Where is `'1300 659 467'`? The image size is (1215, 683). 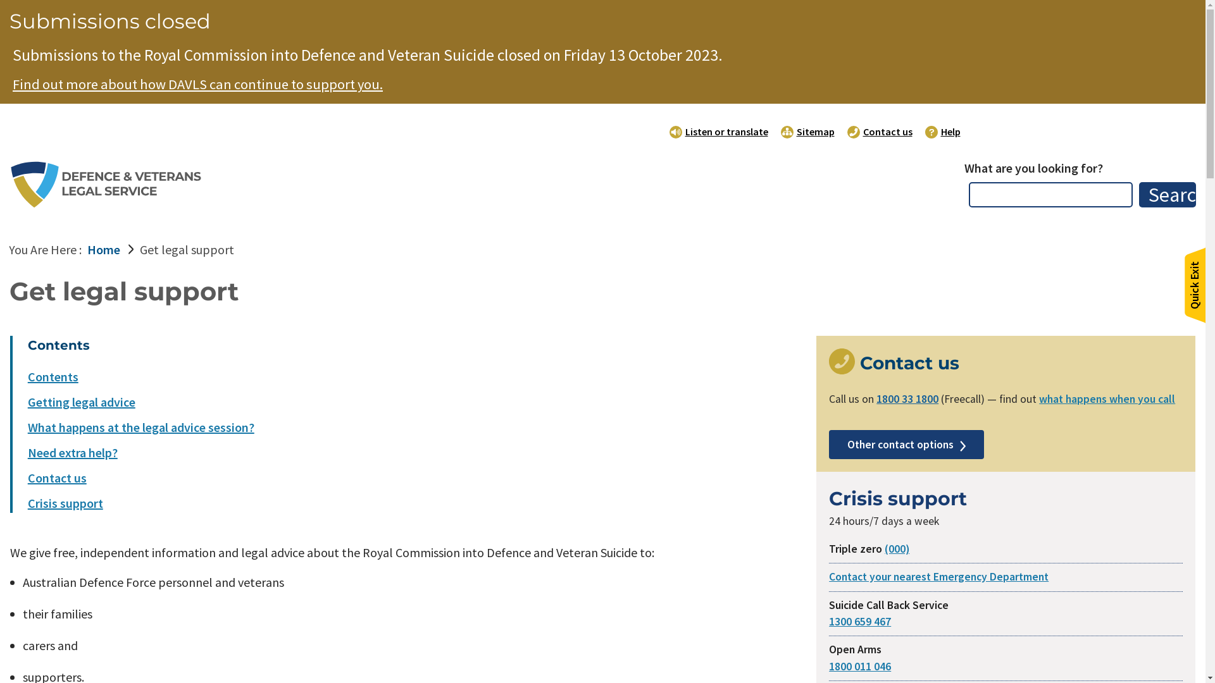 '1300 659 467' is located at coordinates (859, 621).